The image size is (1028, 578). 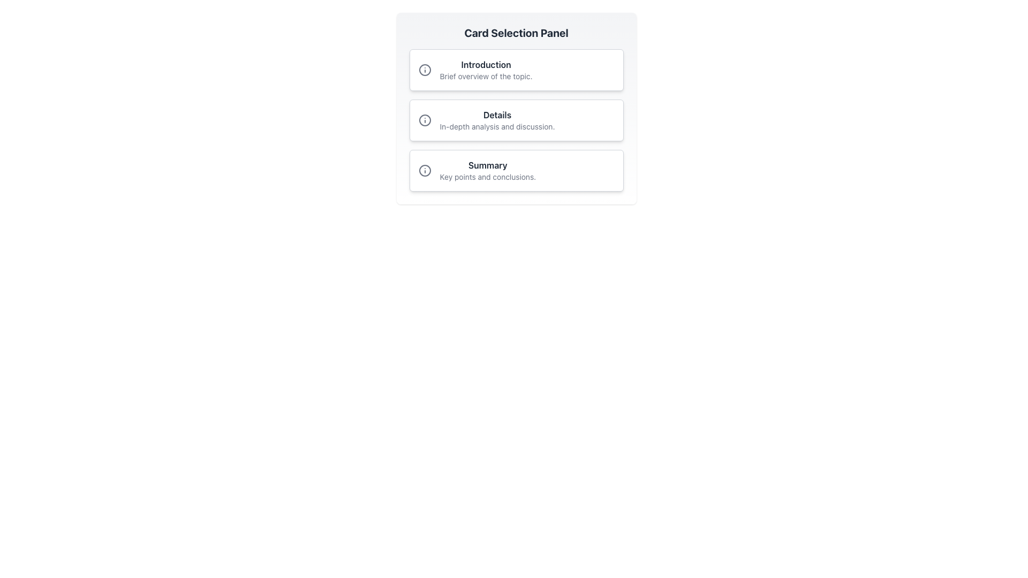 I want to click on the Informational Icon located within the 'Details' card in the Card Selection Panel, which features a circular border and a gray symbol, so click(x=424, y=120).